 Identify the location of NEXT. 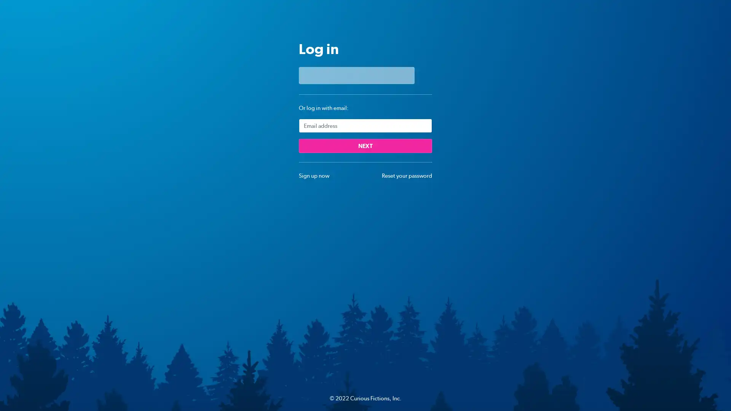
(365, 145).